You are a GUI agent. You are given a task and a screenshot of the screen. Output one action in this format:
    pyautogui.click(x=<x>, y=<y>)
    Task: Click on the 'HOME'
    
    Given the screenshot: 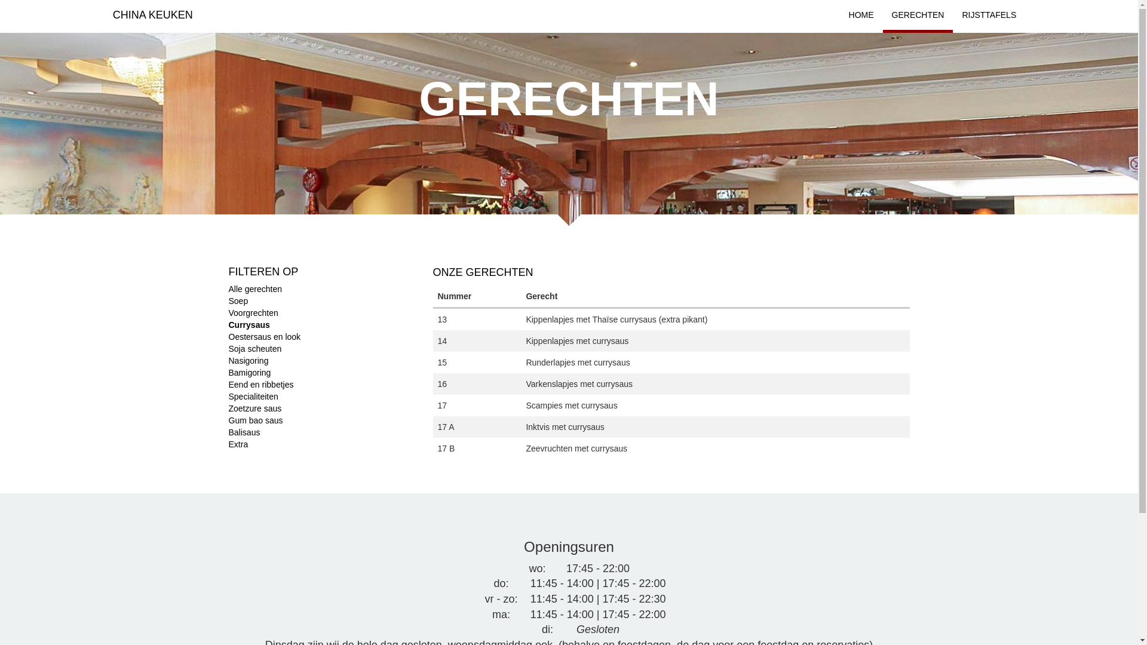 What is the action you would take?
    pyautogui.click(x=861, y=14)
    